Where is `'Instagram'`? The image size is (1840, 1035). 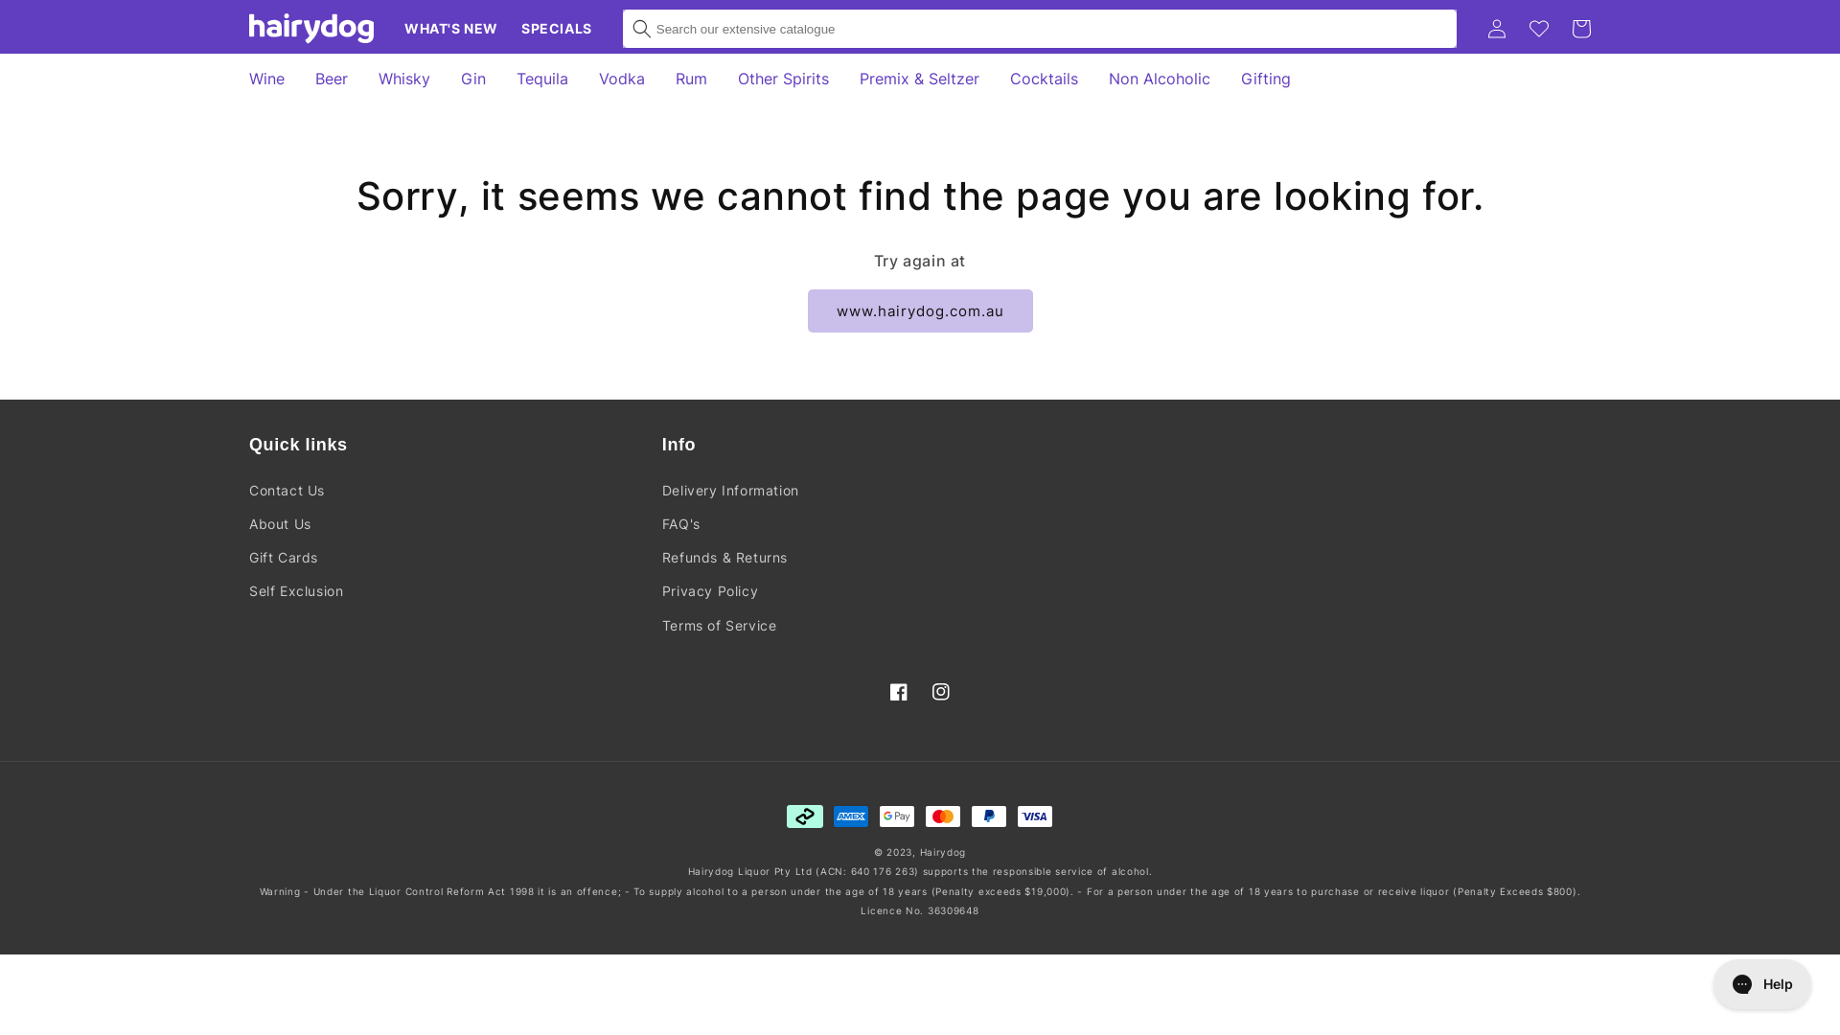
'Instagram' is located at coordinates (941, 691).